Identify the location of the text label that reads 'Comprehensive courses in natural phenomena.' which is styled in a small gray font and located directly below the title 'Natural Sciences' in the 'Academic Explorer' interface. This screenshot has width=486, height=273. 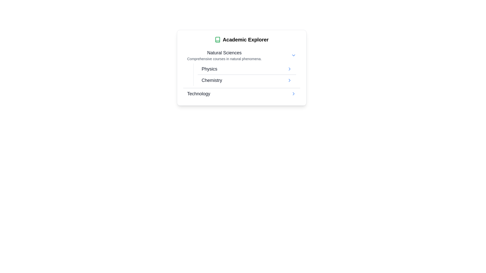
(224, 58).